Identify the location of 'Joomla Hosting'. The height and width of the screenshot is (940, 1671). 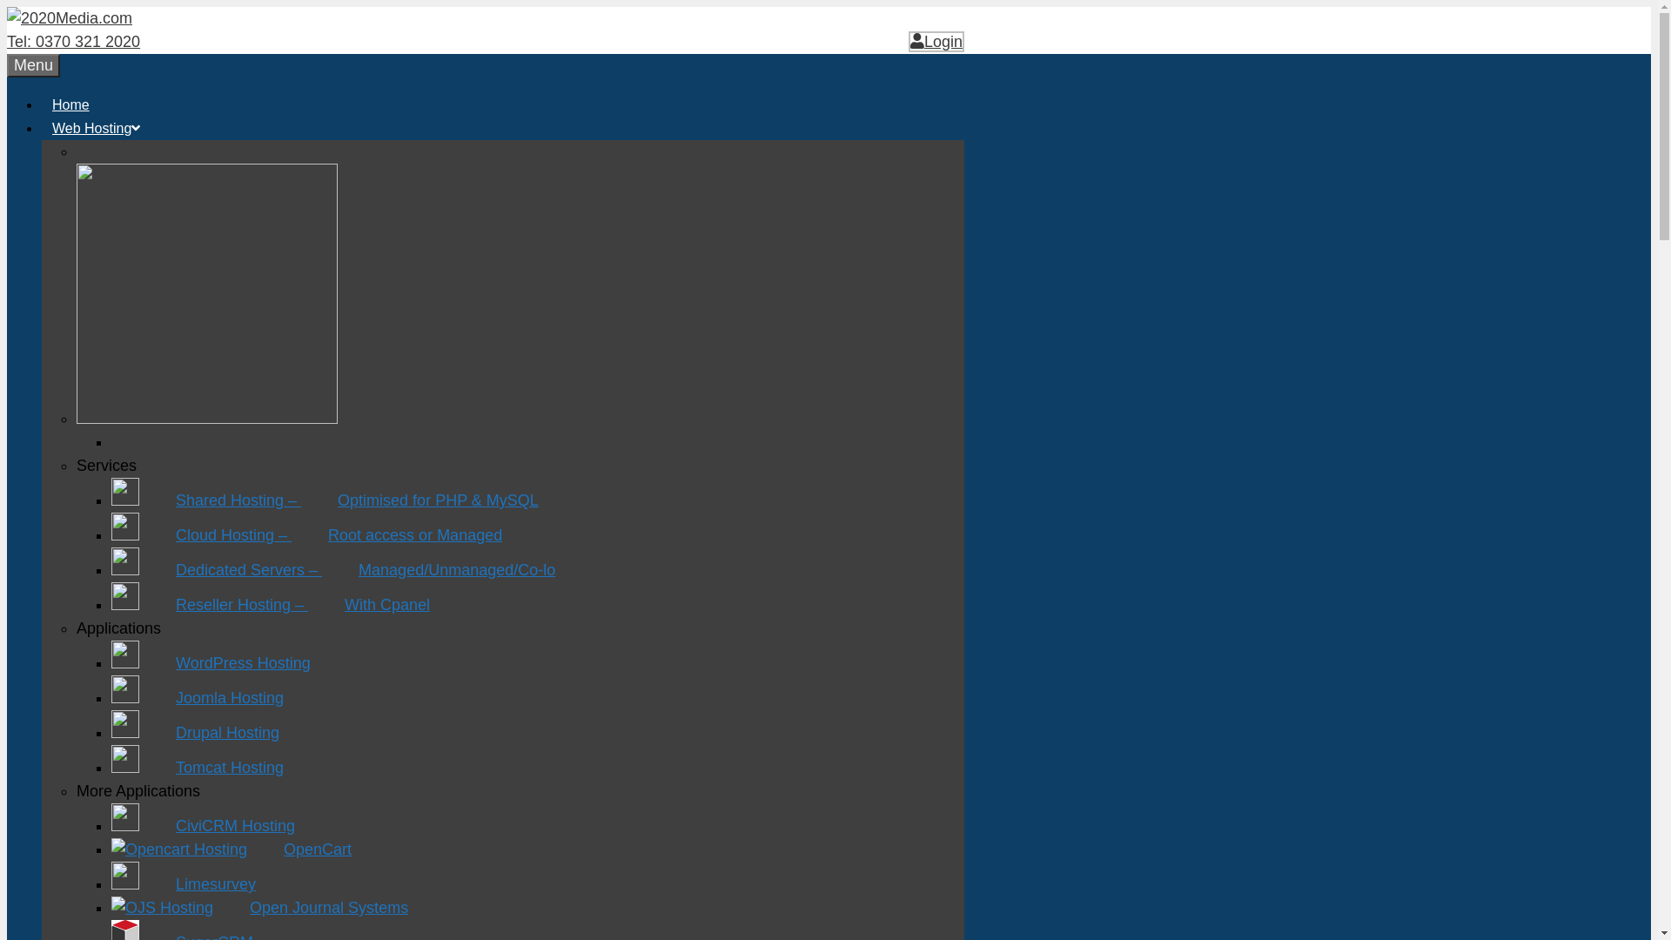
(111, 697).